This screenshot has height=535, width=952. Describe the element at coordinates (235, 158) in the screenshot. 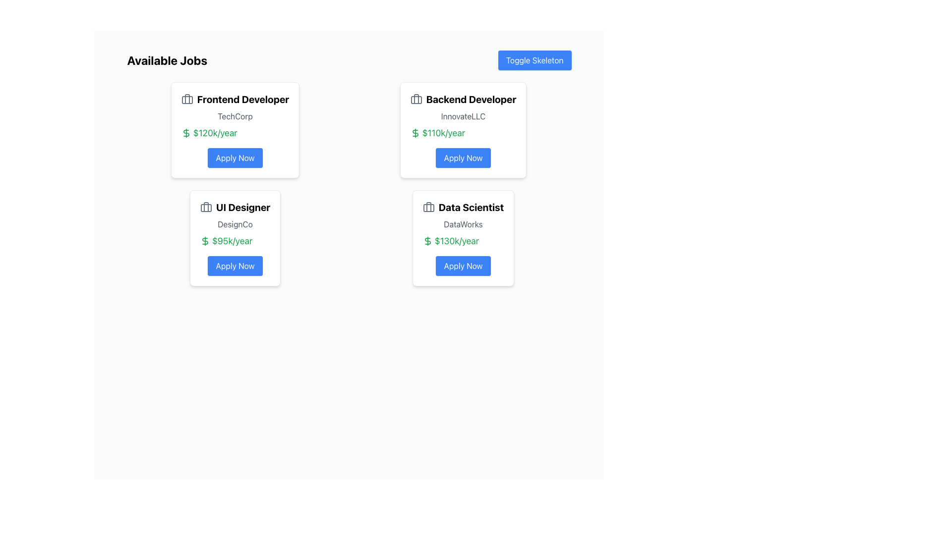

I see `the action button at the bottom of the job listing card for the 'Frontend Developer' position at 'TechCorp' to proceed with the application process` at that location.